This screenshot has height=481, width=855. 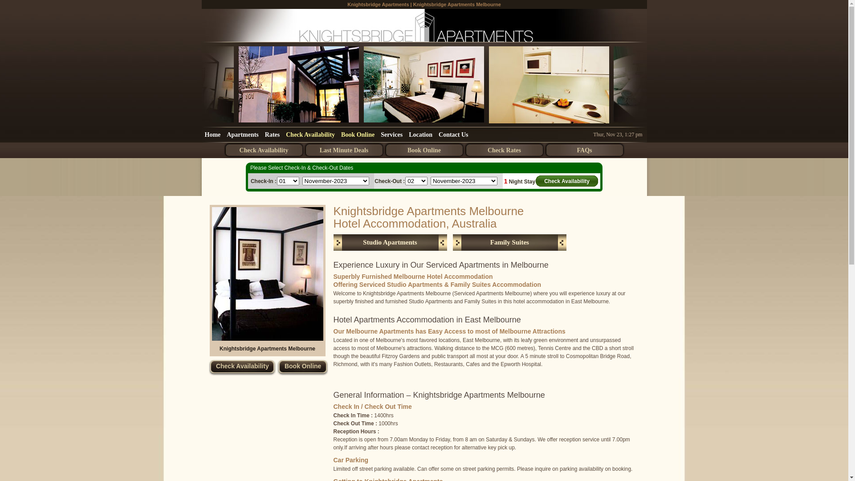 What do you see at coordinates (267, 273) in the screenshot?
I see `'Knightsbridge Apartments Melbourne'` at bounding box center [267, 273].